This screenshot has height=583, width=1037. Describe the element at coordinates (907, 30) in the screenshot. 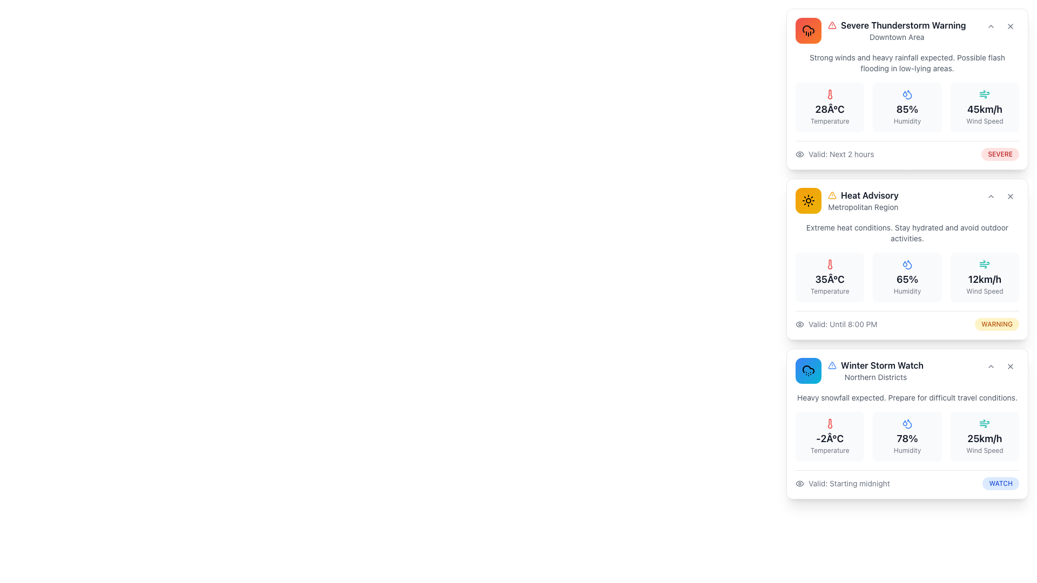

I see `warning header with the icon that states 'Severe Thunderstorm Warning' and the subheading 'Downtown Area'` at that location.